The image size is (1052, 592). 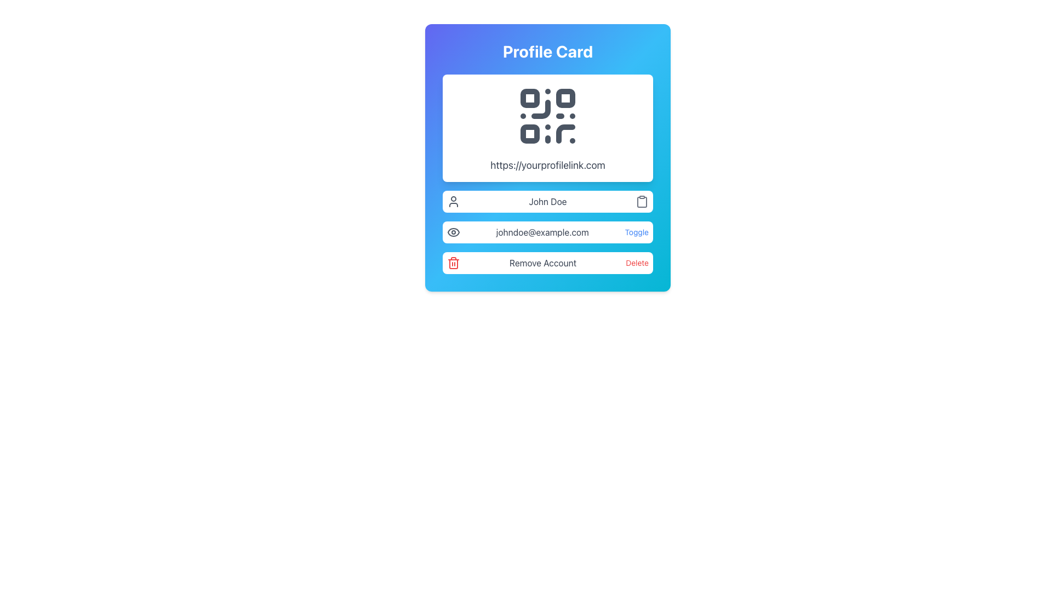 I want to click on the static text display that shows 'https://yourprofilelink.com', which is centered below a QR code graphic, so click(x=547, y=165).